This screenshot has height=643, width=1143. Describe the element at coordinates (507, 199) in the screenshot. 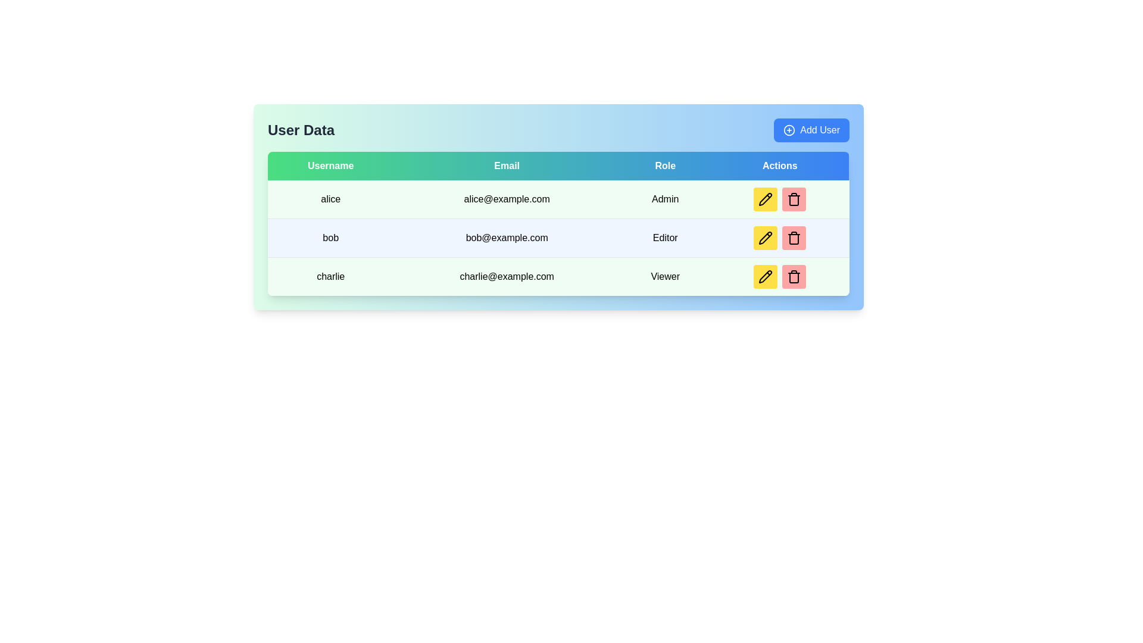

I see `the text box displaying the email address associated with the user 'alice' located in the second cell of the row containing 'alice' and 'Admin' under the 'Email' column` at that location.